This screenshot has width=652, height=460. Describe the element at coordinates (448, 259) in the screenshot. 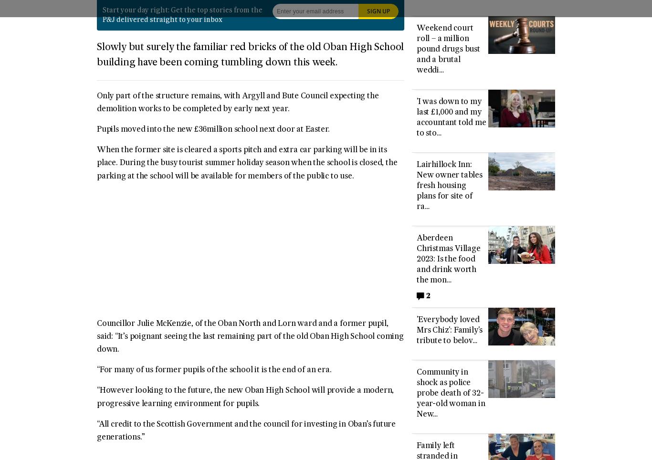

I see `'Aberdeen Christmas Village 2023: Is the food and drink worth the mon…'` at that location.